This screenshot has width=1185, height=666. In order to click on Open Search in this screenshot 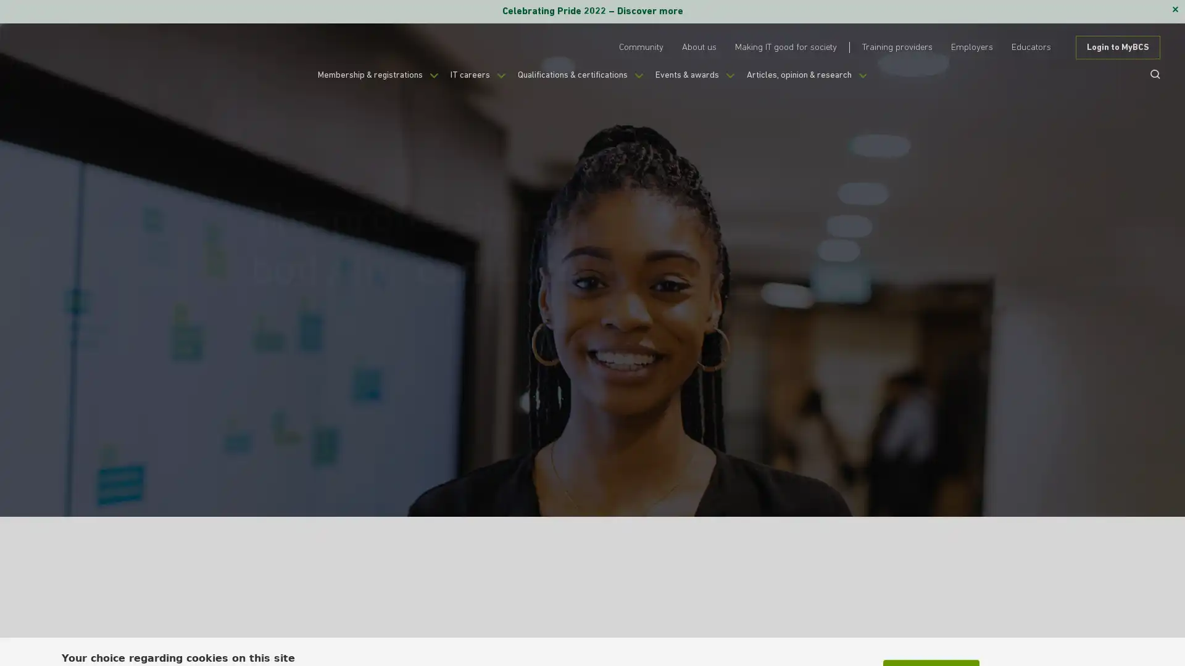, I will do `click(1150, 73)`.